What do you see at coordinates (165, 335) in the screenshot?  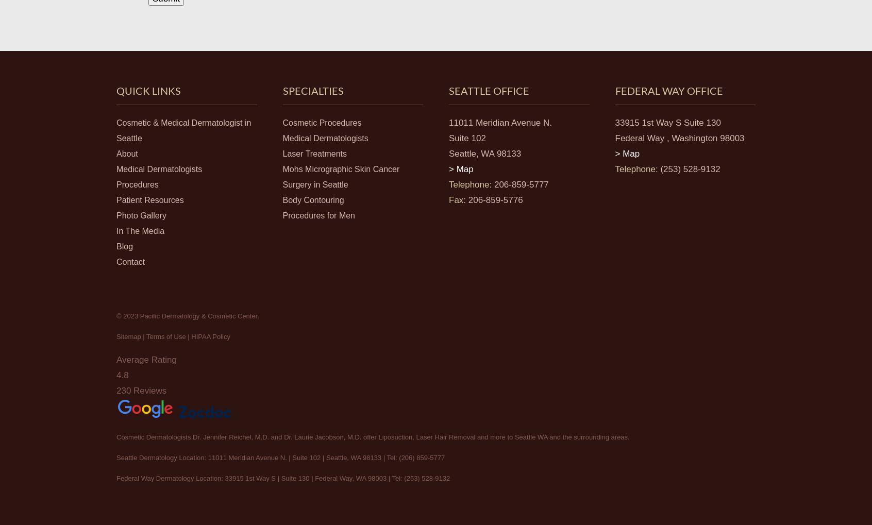 I see `'Terms of Use'` at bounding box center [165, 335].